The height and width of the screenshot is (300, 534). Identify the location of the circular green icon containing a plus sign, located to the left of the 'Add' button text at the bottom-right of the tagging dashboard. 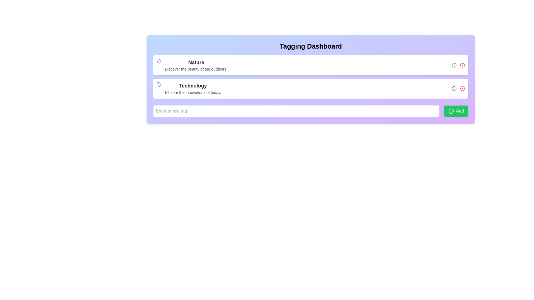
(451, 111).